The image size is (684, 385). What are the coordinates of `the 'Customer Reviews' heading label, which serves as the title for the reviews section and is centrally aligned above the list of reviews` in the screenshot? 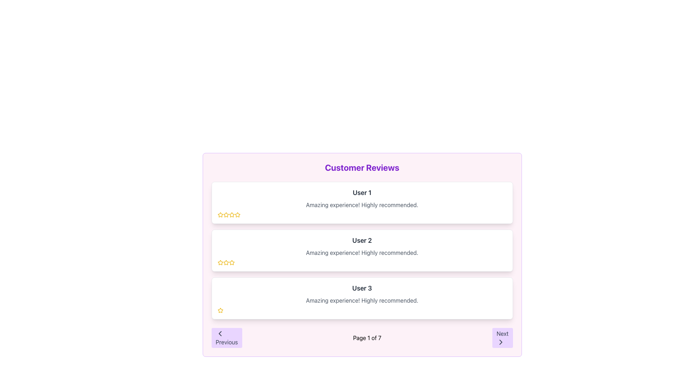 It's located at (362, 168).